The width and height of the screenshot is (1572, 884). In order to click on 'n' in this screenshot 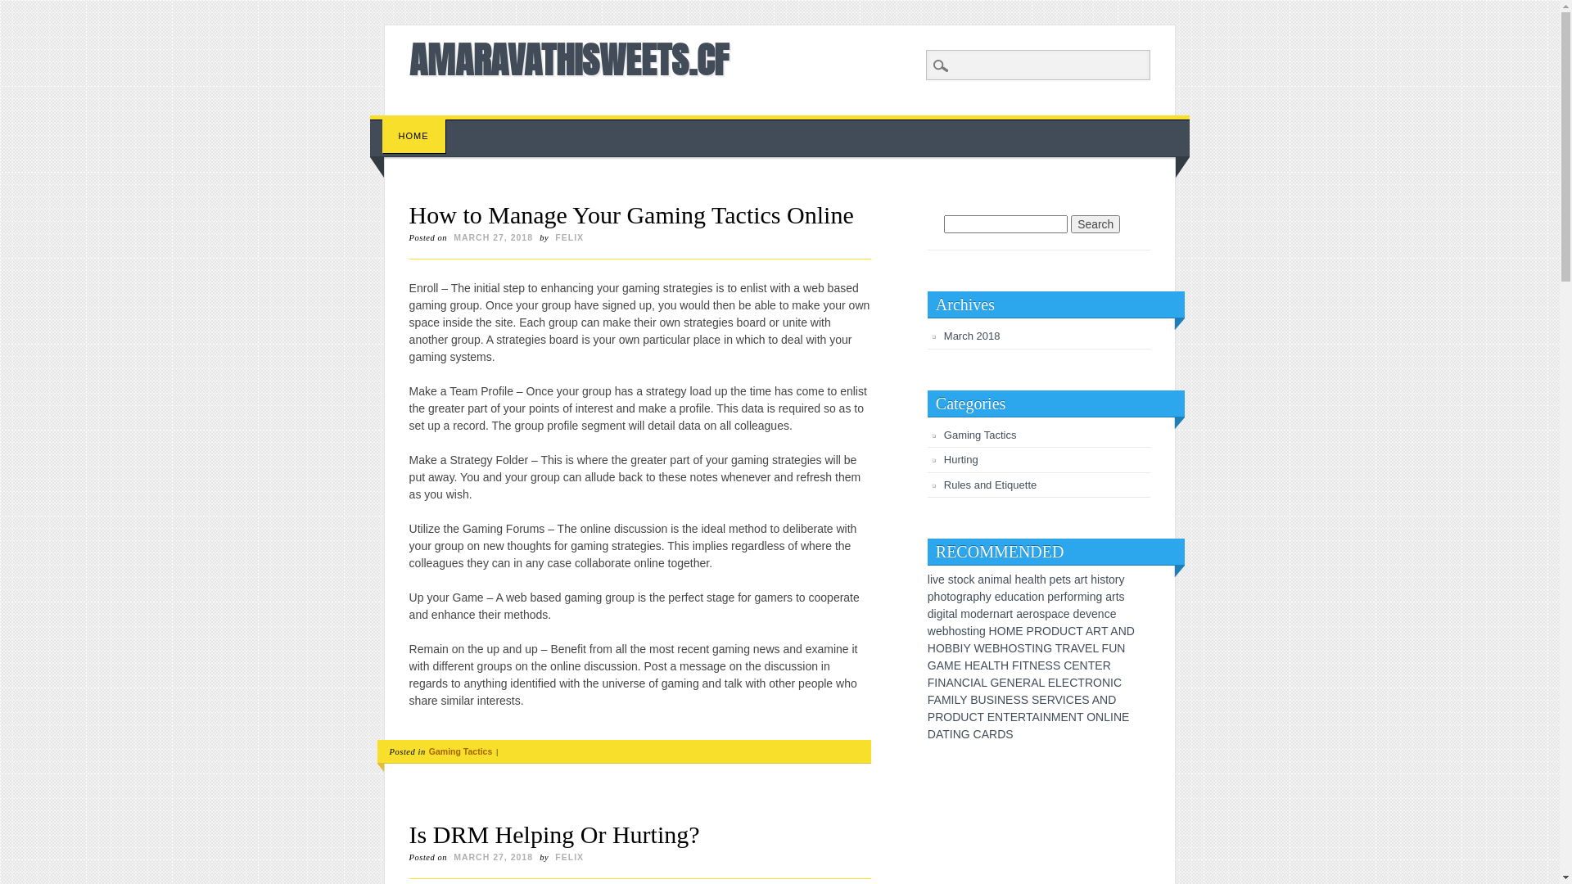, I will do `click(1092, 597)`.